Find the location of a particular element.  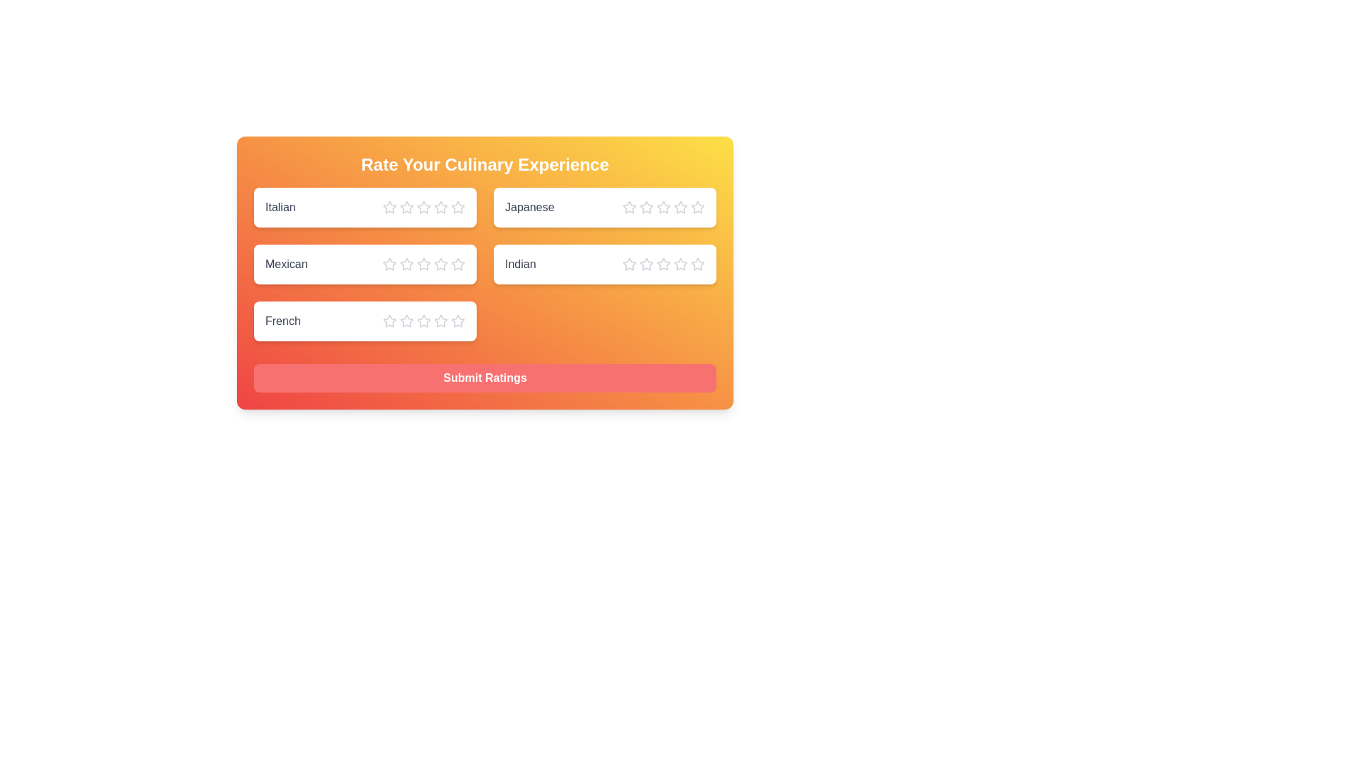

the star corresponding to the rating 4 for the cuisine French is located at coordinates (440, 321).